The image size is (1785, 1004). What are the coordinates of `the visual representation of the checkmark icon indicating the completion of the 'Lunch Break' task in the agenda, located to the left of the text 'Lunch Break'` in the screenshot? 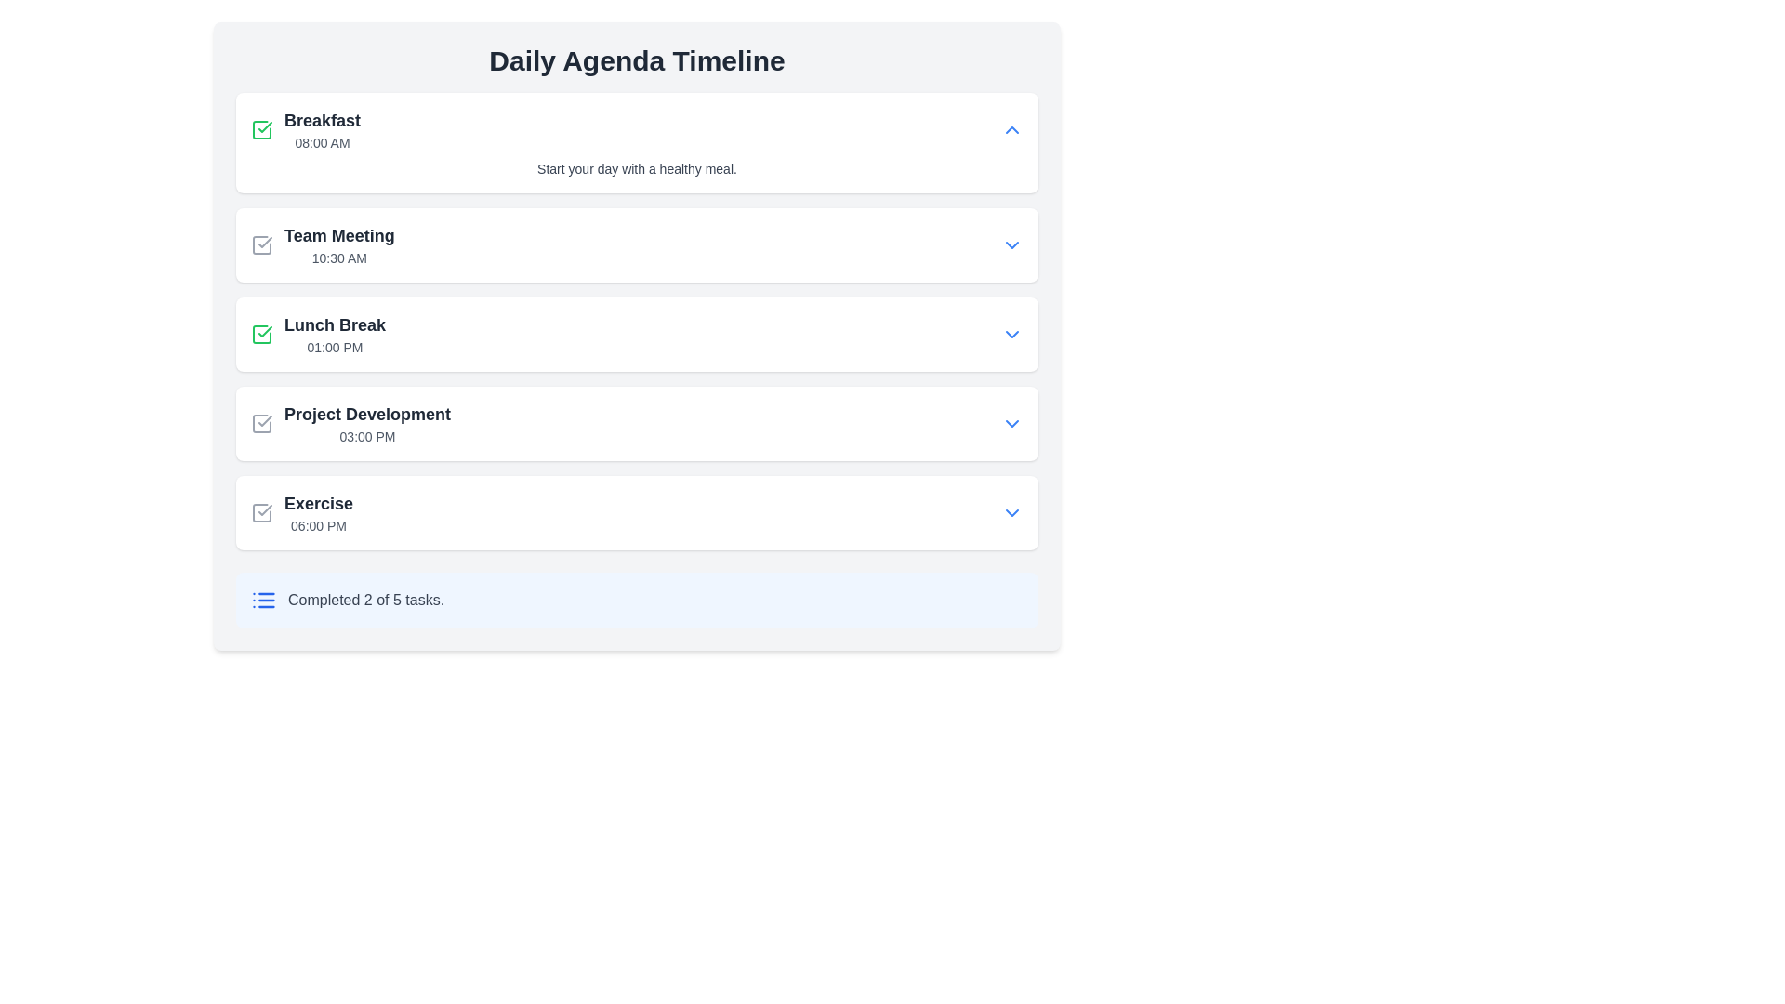 It's located at (264, 126).